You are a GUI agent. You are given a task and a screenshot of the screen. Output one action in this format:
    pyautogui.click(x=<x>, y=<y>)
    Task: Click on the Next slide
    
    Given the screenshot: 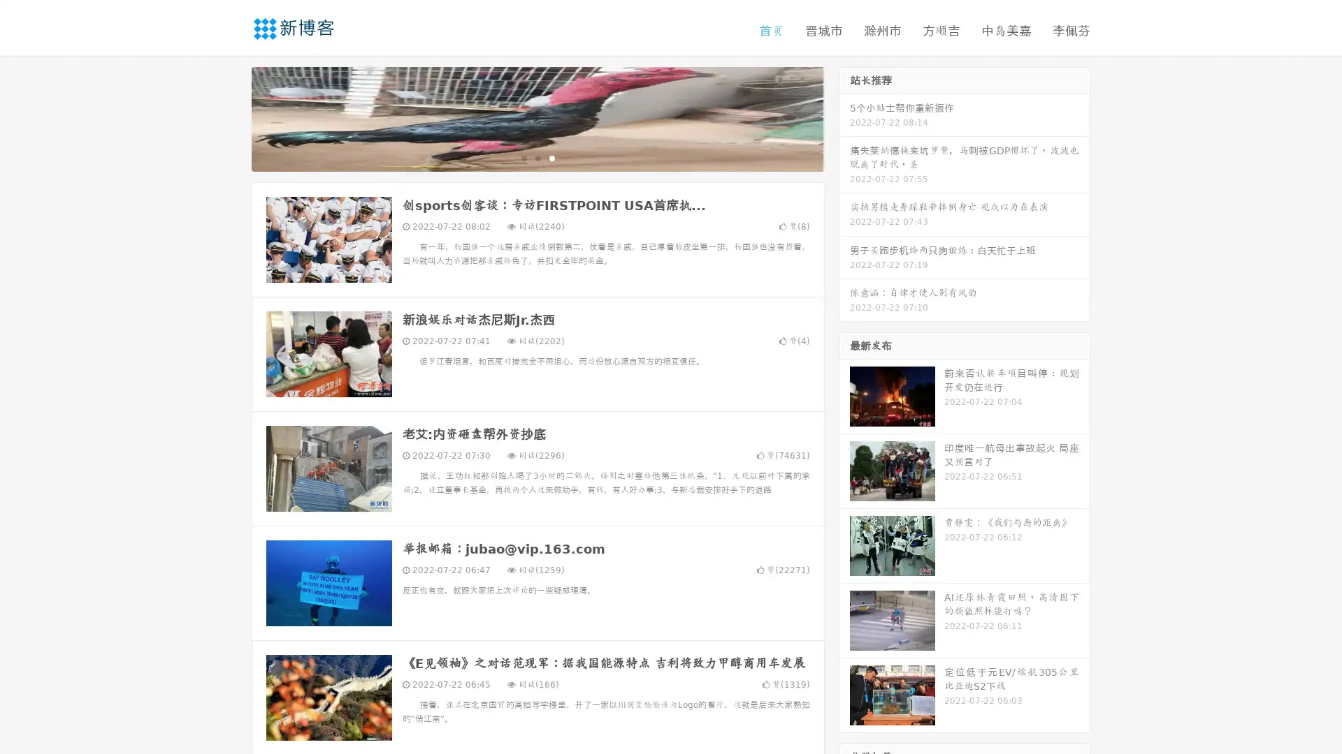 What is the action you would take?
    pyautogui.click(x=844, y=117)
    